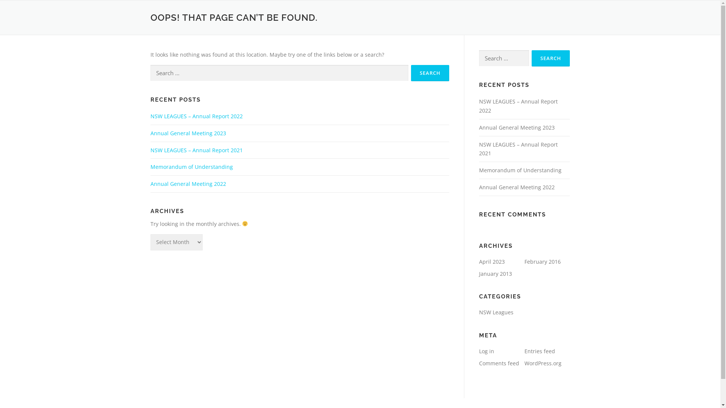 This screenshot has height=408, width=726. Describe the element at coordinates (496, 312) in the screenshot. I see `'NSW Leagues'` at that location.